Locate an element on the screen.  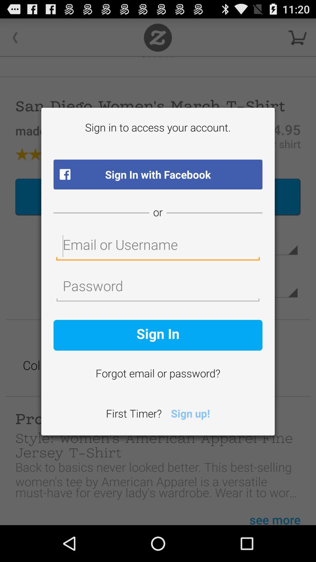
the item next to the first timer? icon is located at coordinates (190, 414).